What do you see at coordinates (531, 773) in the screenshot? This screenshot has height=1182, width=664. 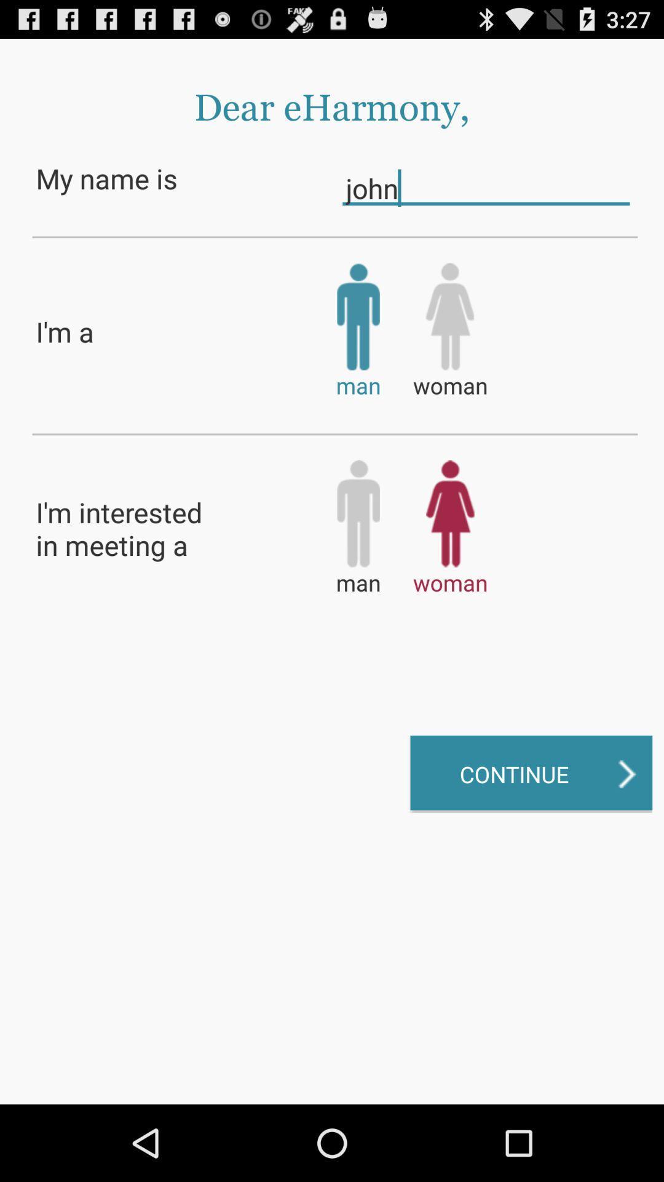 I see `continue icon` at bounding box center [531, 773].